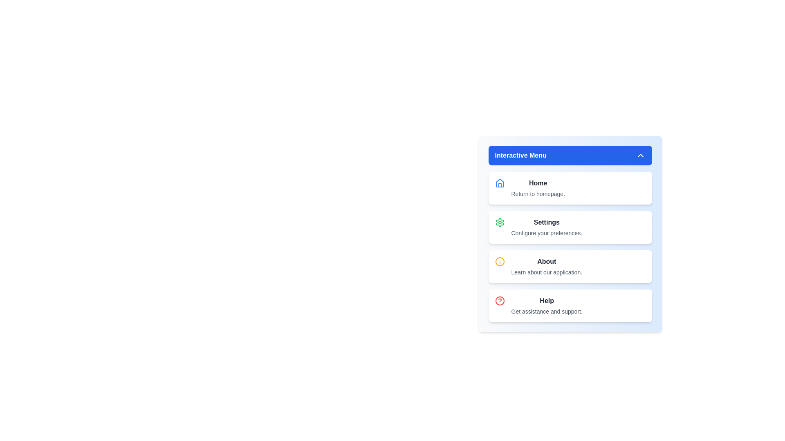 The image size is (785, 441). I want to click on the text label that says 'Return to homepage.' located below the bold 'Home' text within the first card of the interactive menu, so click(538, 194).